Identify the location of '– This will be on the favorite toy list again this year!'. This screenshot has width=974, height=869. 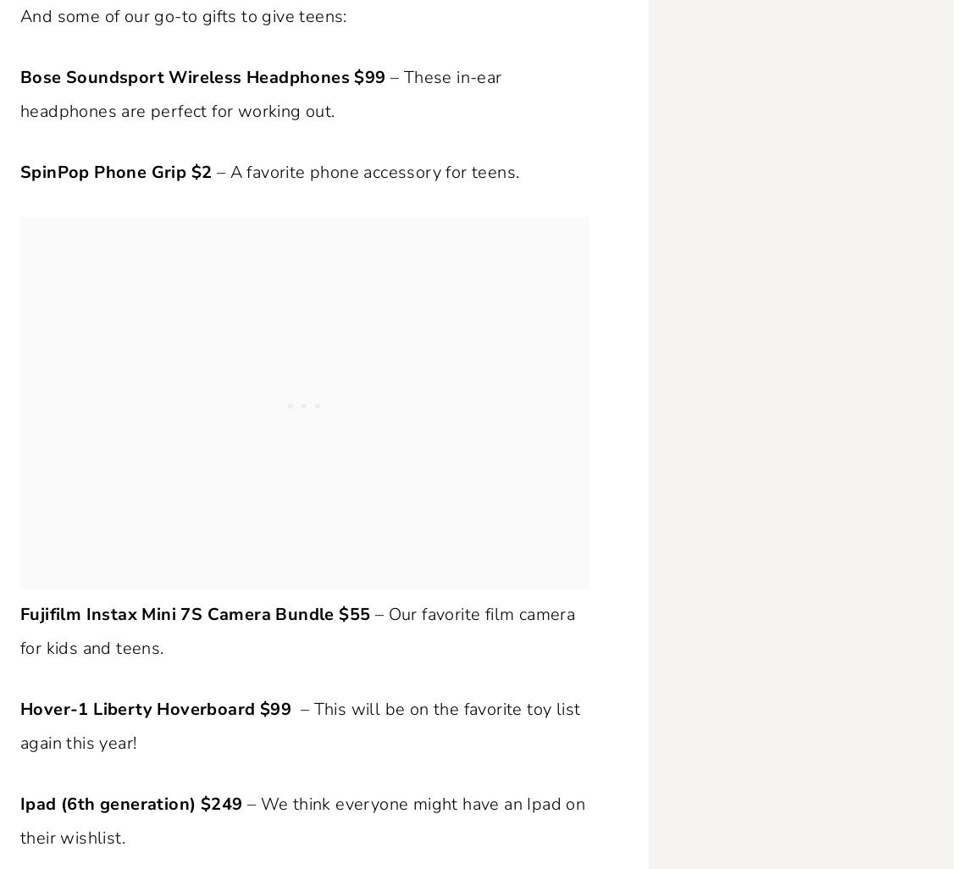
(300, 726).